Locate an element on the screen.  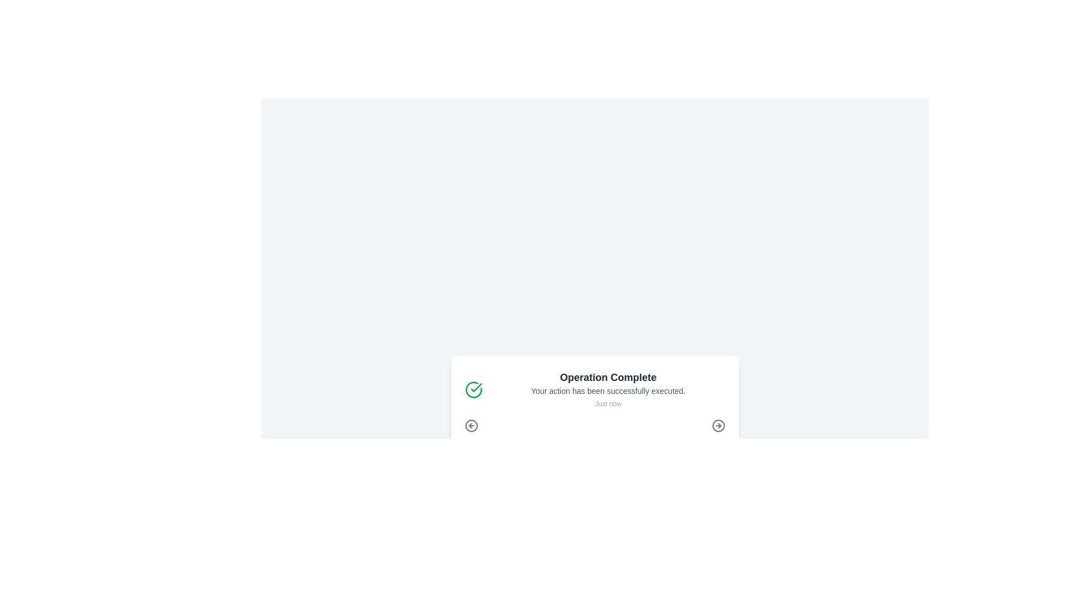
the prominently styled bold text reading 'Operation Complete' located at the bottom center of the notification panel is located at coordinates (607, 377).